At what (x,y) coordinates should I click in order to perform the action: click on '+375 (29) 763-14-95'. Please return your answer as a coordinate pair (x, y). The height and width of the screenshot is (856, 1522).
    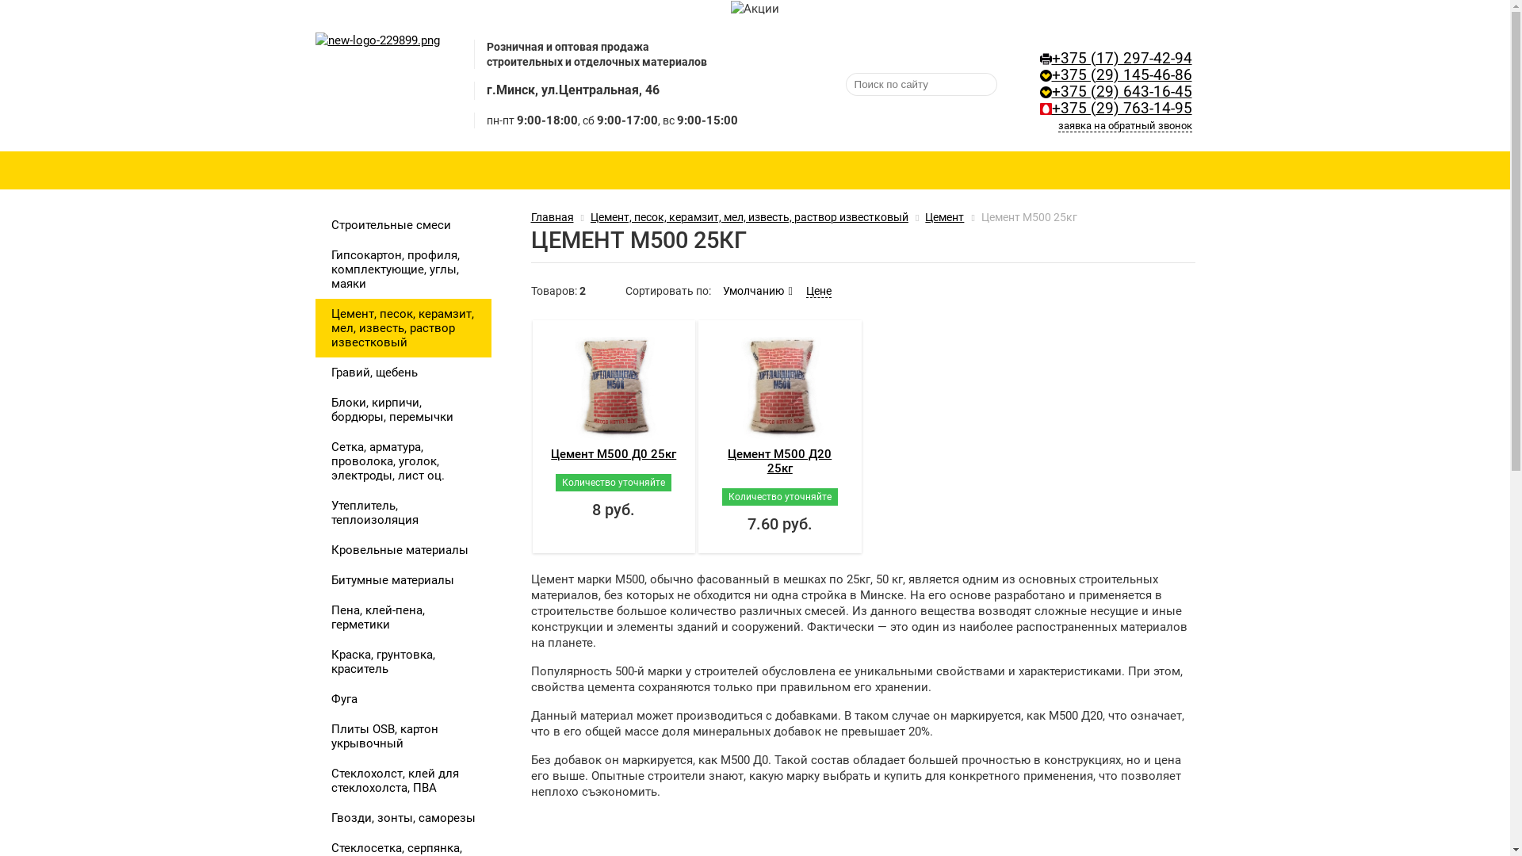
    Looking at the image, I should click on (1120, 108).